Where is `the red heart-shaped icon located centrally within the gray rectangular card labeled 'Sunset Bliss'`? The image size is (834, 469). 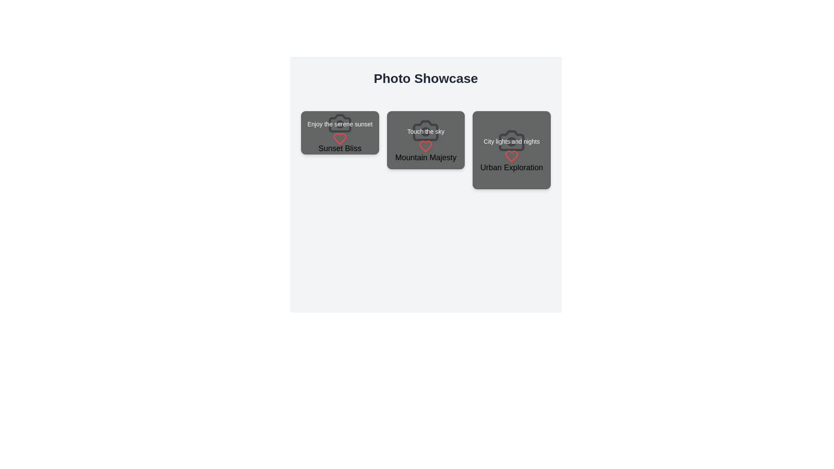 the red heart-shaped icon located centrally within the gray rectangular card labeled 'Sunset Bliss' is located at coordinates (339, 139).